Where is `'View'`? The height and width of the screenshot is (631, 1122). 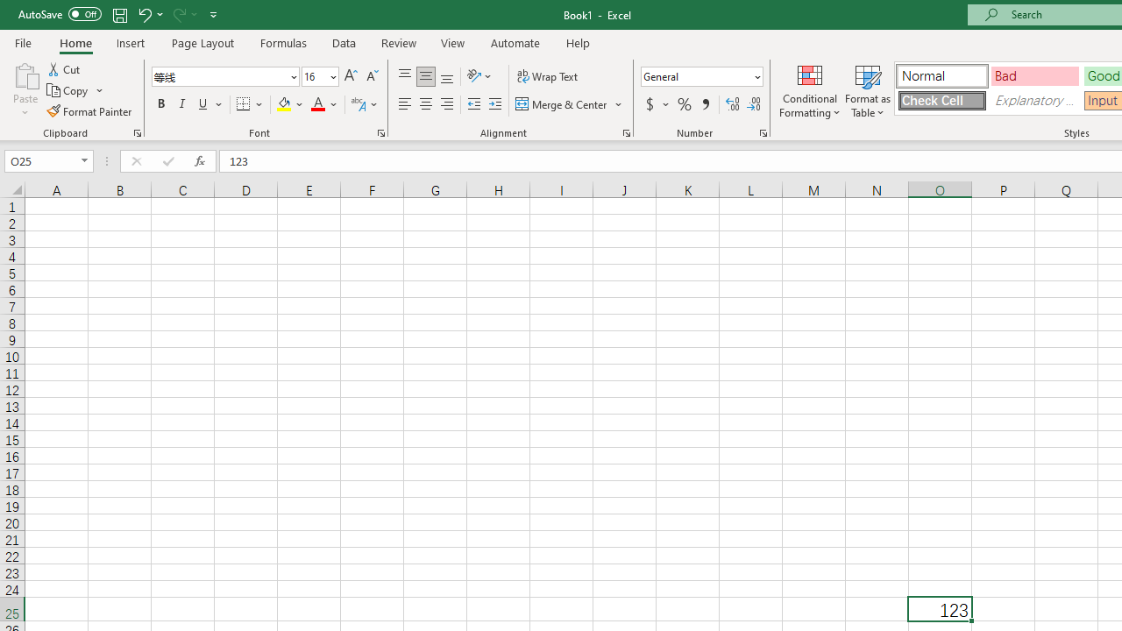
'View' is located at coordinates (453, 42).